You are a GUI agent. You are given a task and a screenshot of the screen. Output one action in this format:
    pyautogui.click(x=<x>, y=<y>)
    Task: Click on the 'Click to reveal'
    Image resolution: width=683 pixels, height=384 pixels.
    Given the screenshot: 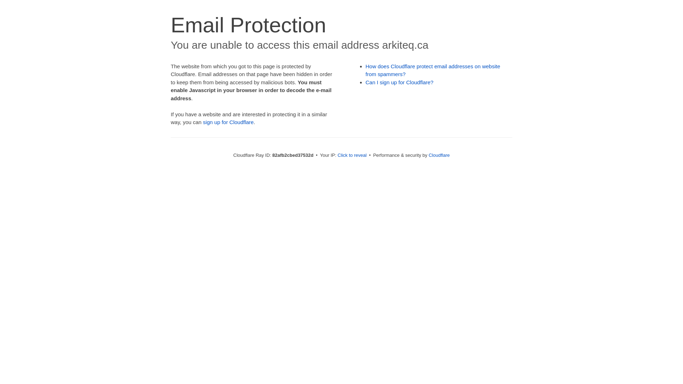 What is the action you would take?
    pyautogui.click(x=337, y=155)
    